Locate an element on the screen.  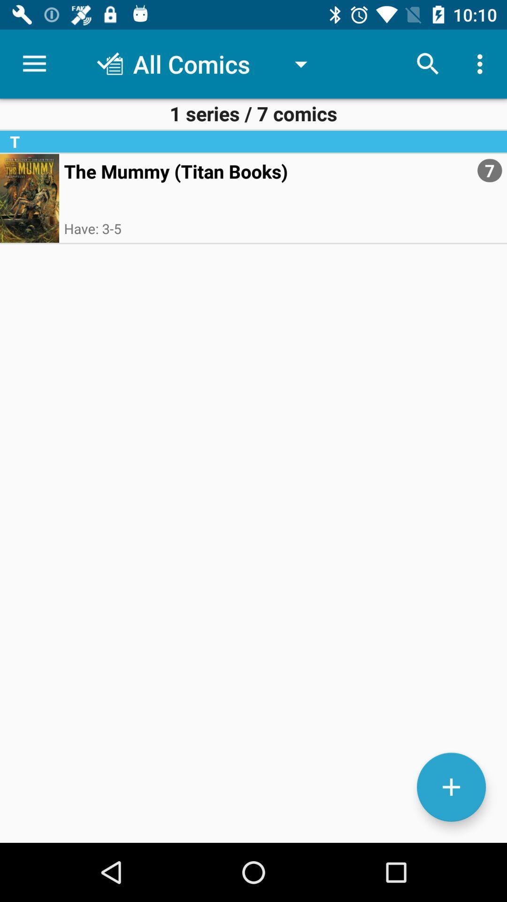
on the search icon is located at coordinates (428, 64).